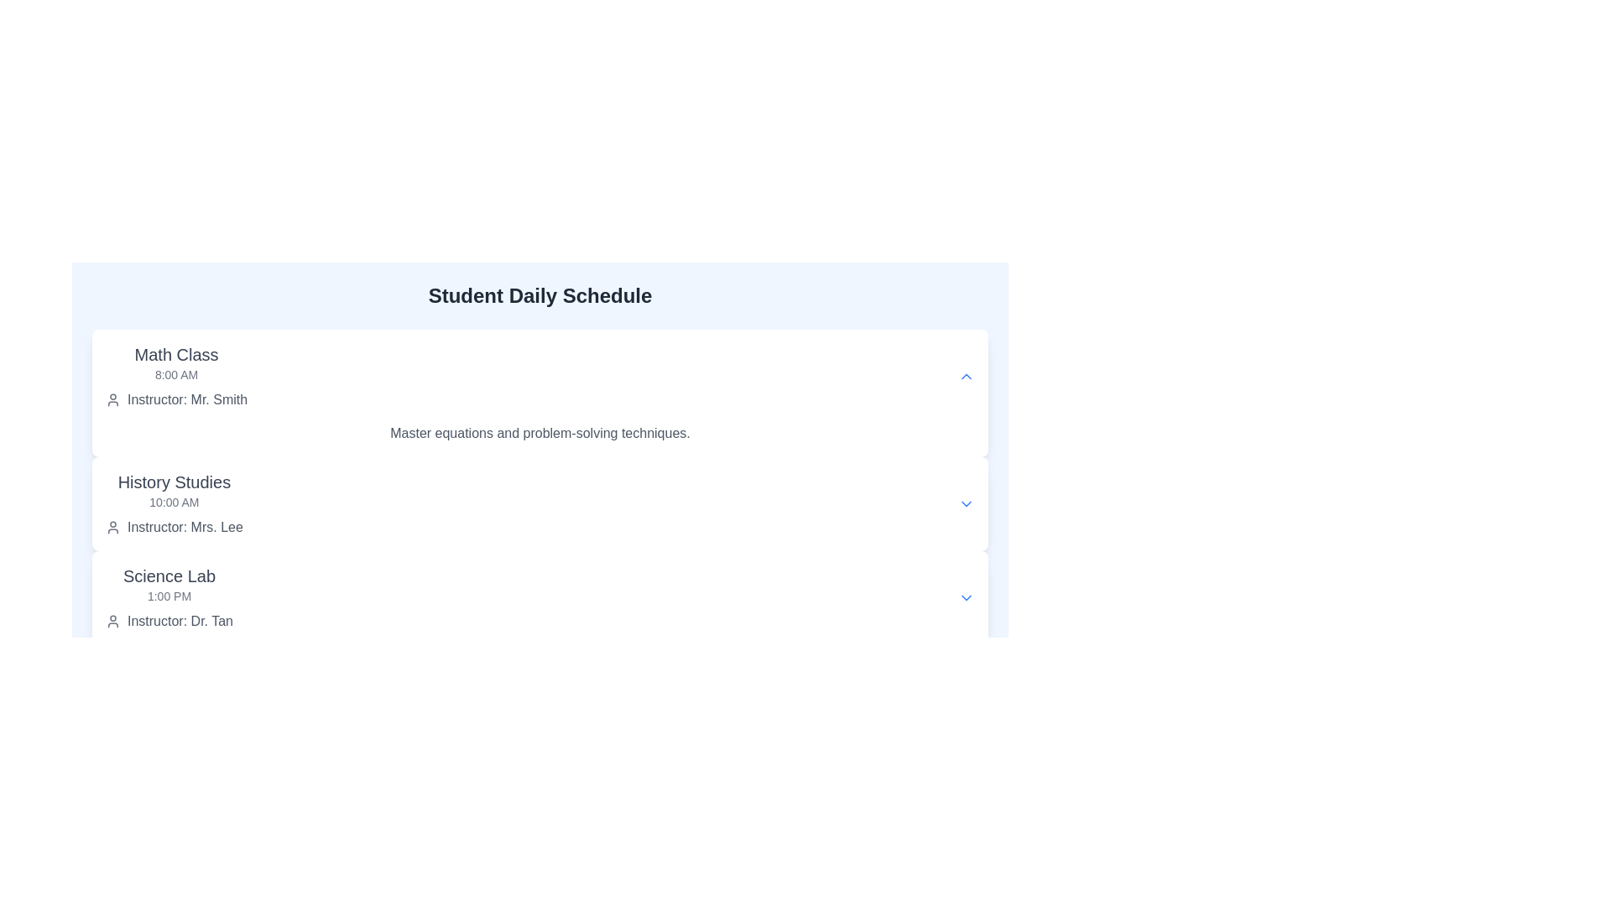  What do you see at coordinates (112, 400) in the screenshot?
I see `the small user icon with a gray outline located next to the text 'Instructor: Mr. Smith' in the instructor information section of the 'Math Class' item in the schedule interface` at bounding box center [112, 400].